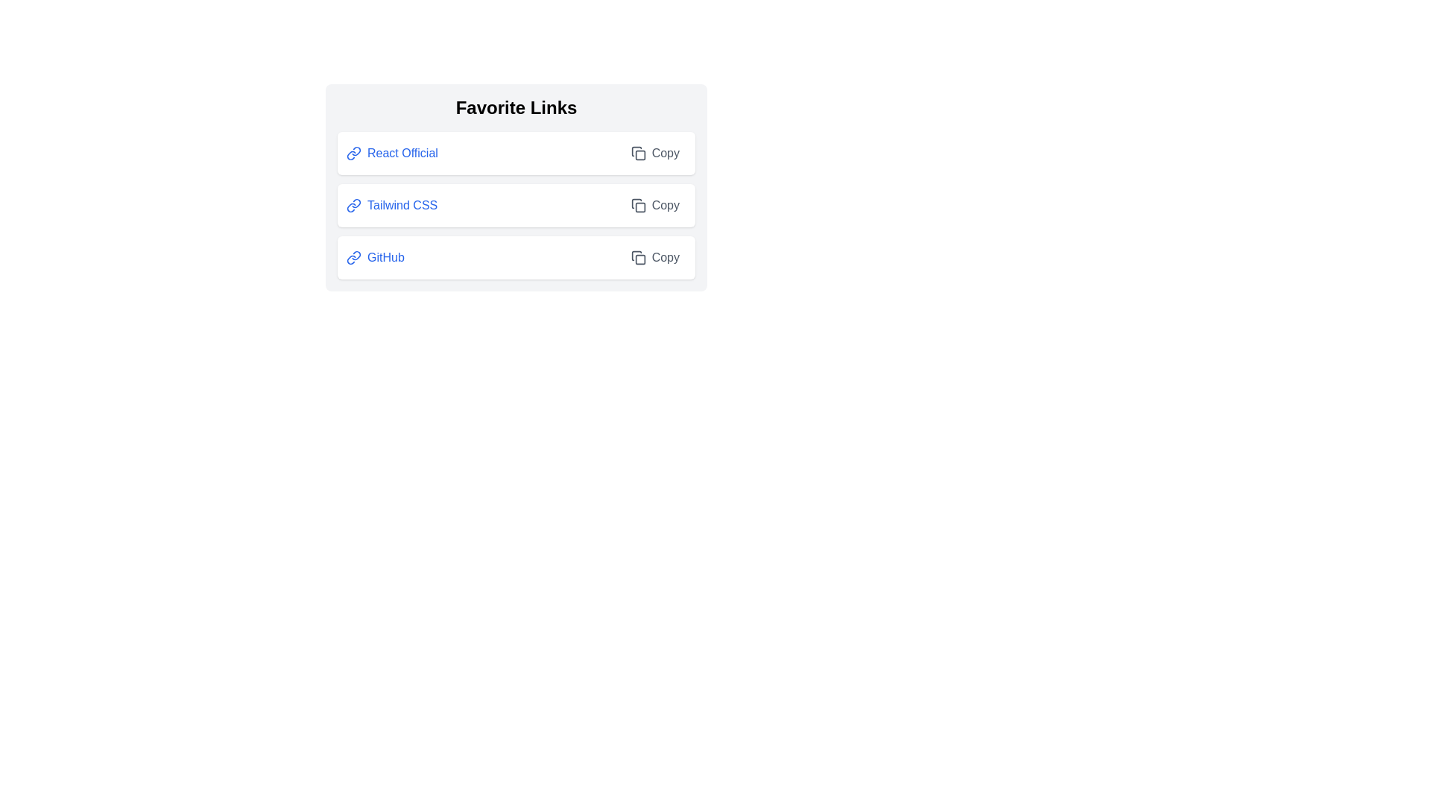 This screenshot has width=1431, height=805. Describe the element at coordinates (638, 153) in the screenshot. I see `the 'Copy' icon adjacent to the 'React Official' label` at that location.